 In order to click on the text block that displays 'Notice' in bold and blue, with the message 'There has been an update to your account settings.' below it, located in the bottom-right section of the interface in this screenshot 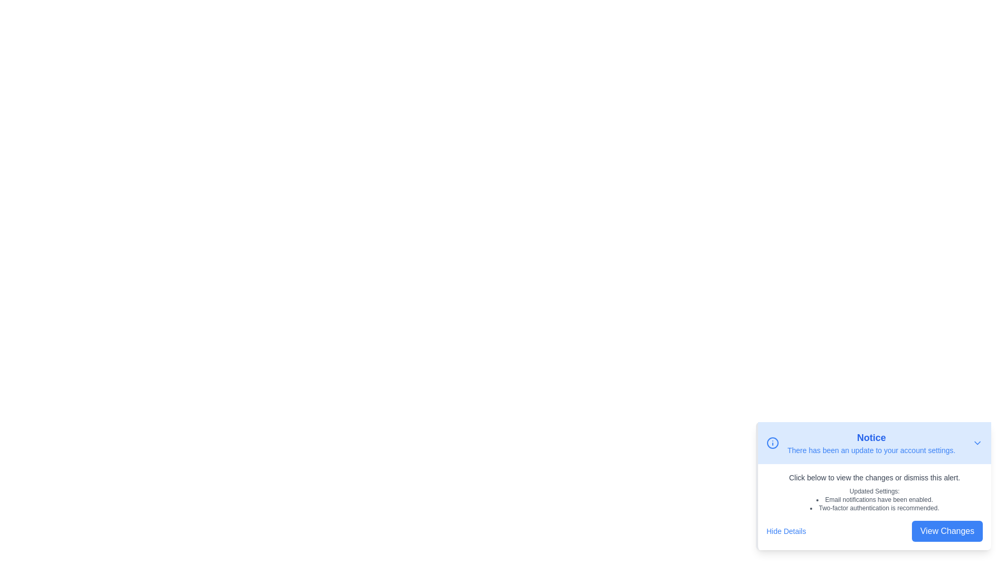, I will do `click(871, 443)`.